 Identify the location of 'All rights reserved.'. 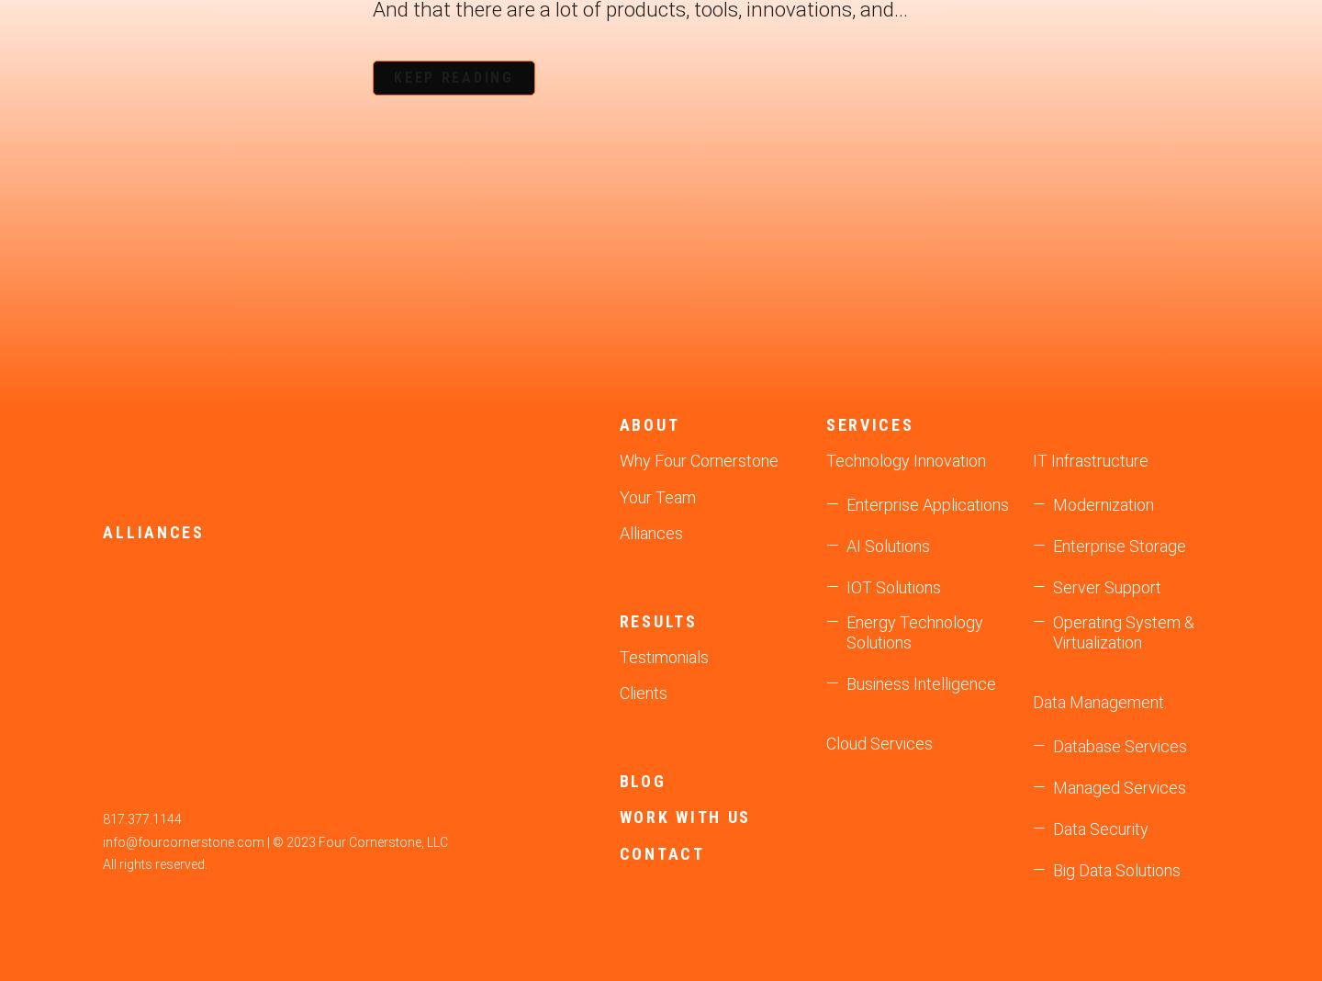
(154, 864).